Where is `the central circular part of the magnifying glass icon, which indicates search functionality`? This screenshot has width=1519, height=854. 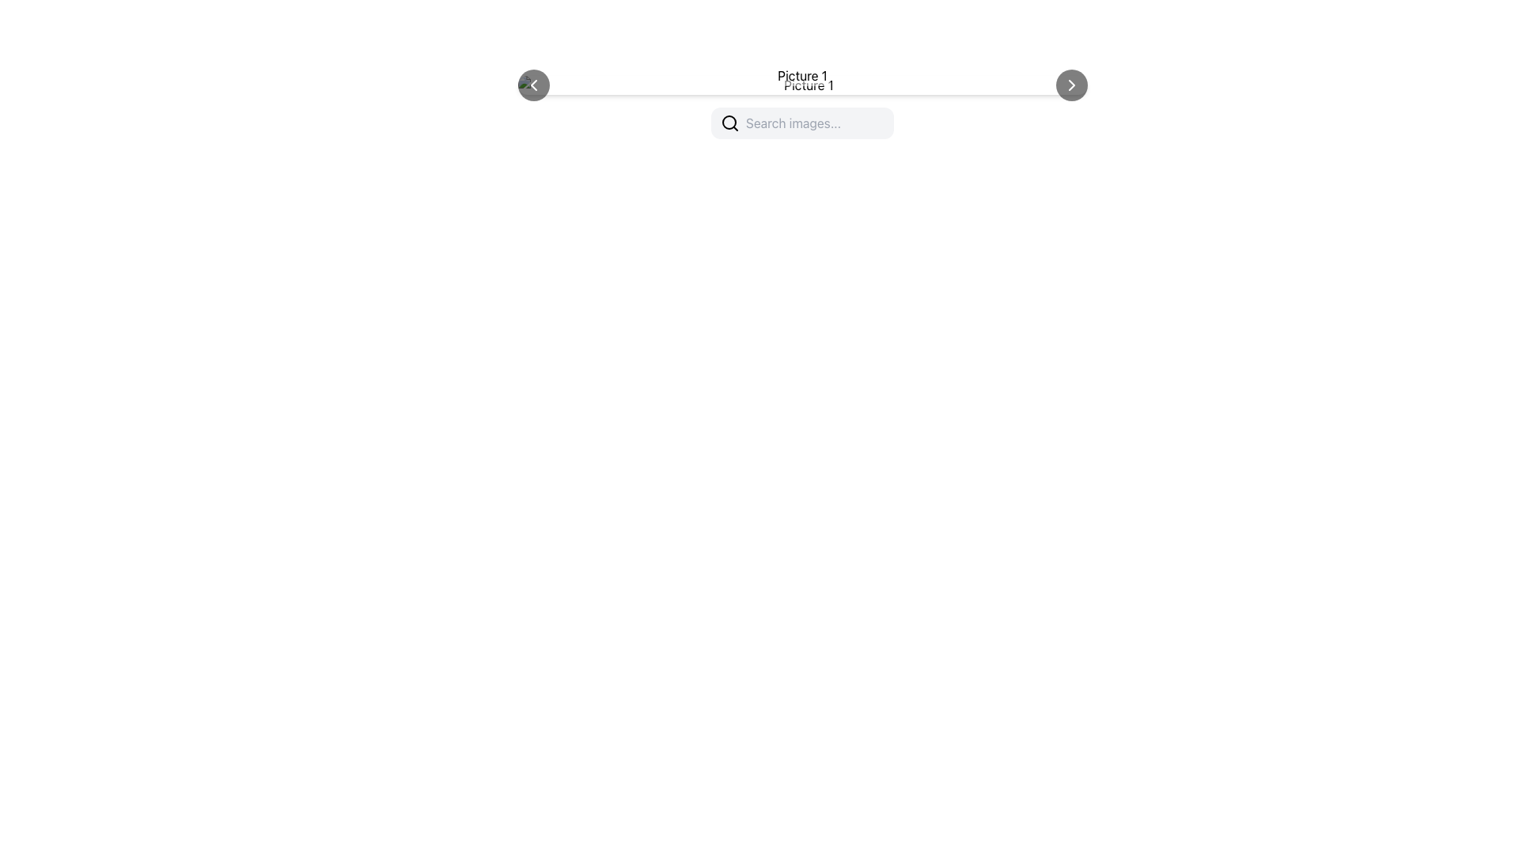 the central circular part of the magnifying glass icon, which indicates search functionality is located at coordinates (728, 121).